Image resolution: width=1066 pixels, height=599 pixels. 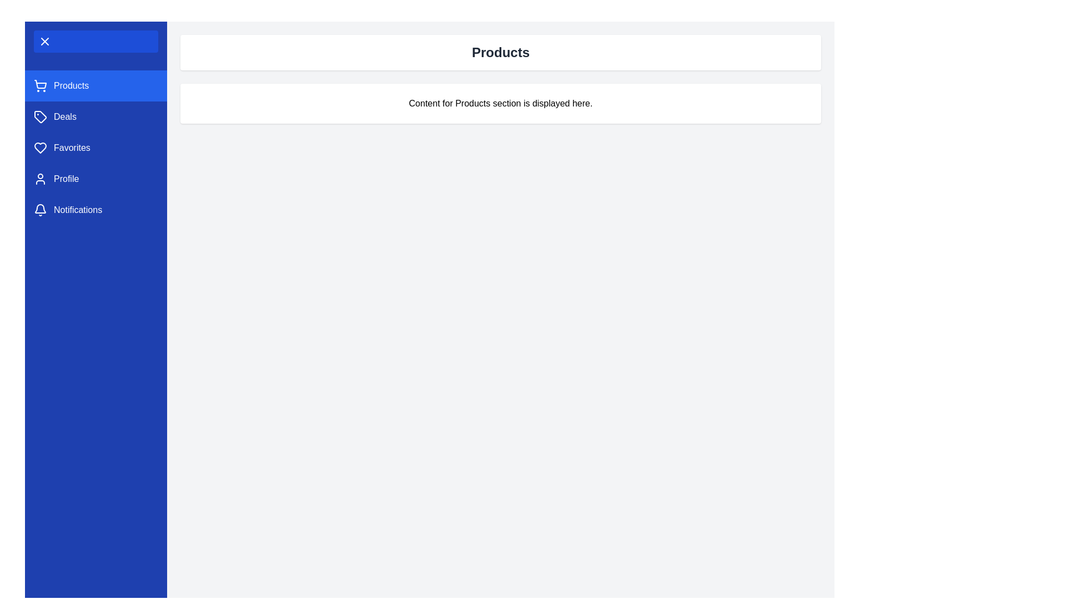 I want to click on the navigation button labeled 'Products' located in the left sidebar of the application, so click(x=95, y=85).